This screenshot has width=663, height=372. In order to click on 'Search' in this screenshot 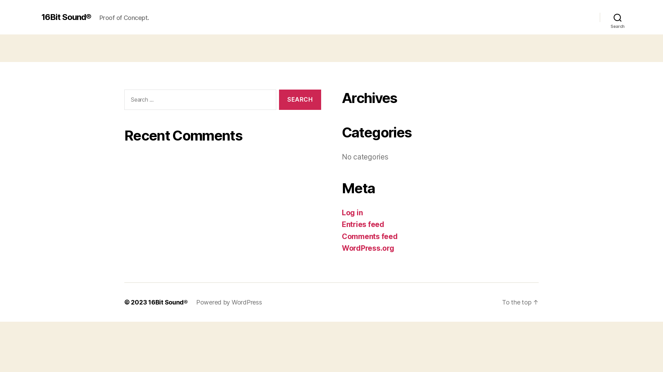, I will do `click(279, 100)`.